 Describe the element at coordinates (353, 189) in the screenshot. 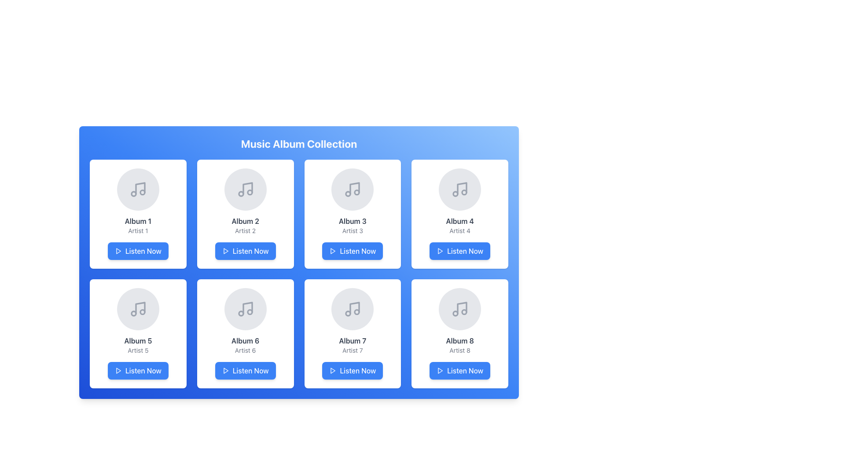

I see `the music icon representing 'Album 3' and 'Artist 3' located in the top-center section of the card` at that location.